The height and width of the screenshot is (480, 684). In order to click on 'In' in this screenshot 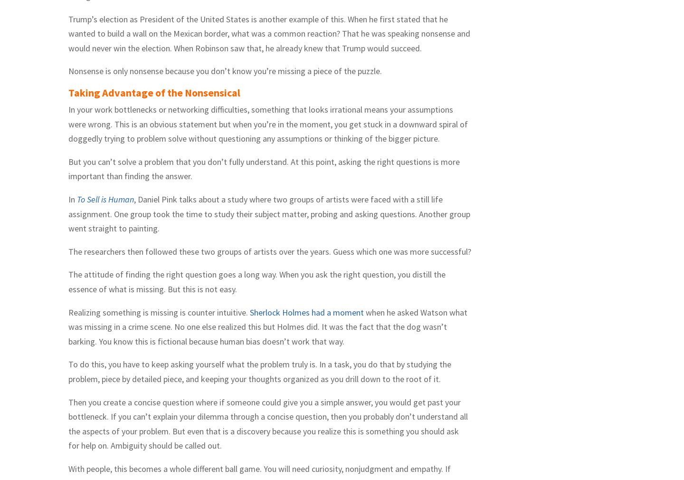, I will do `click(72, 199)`.